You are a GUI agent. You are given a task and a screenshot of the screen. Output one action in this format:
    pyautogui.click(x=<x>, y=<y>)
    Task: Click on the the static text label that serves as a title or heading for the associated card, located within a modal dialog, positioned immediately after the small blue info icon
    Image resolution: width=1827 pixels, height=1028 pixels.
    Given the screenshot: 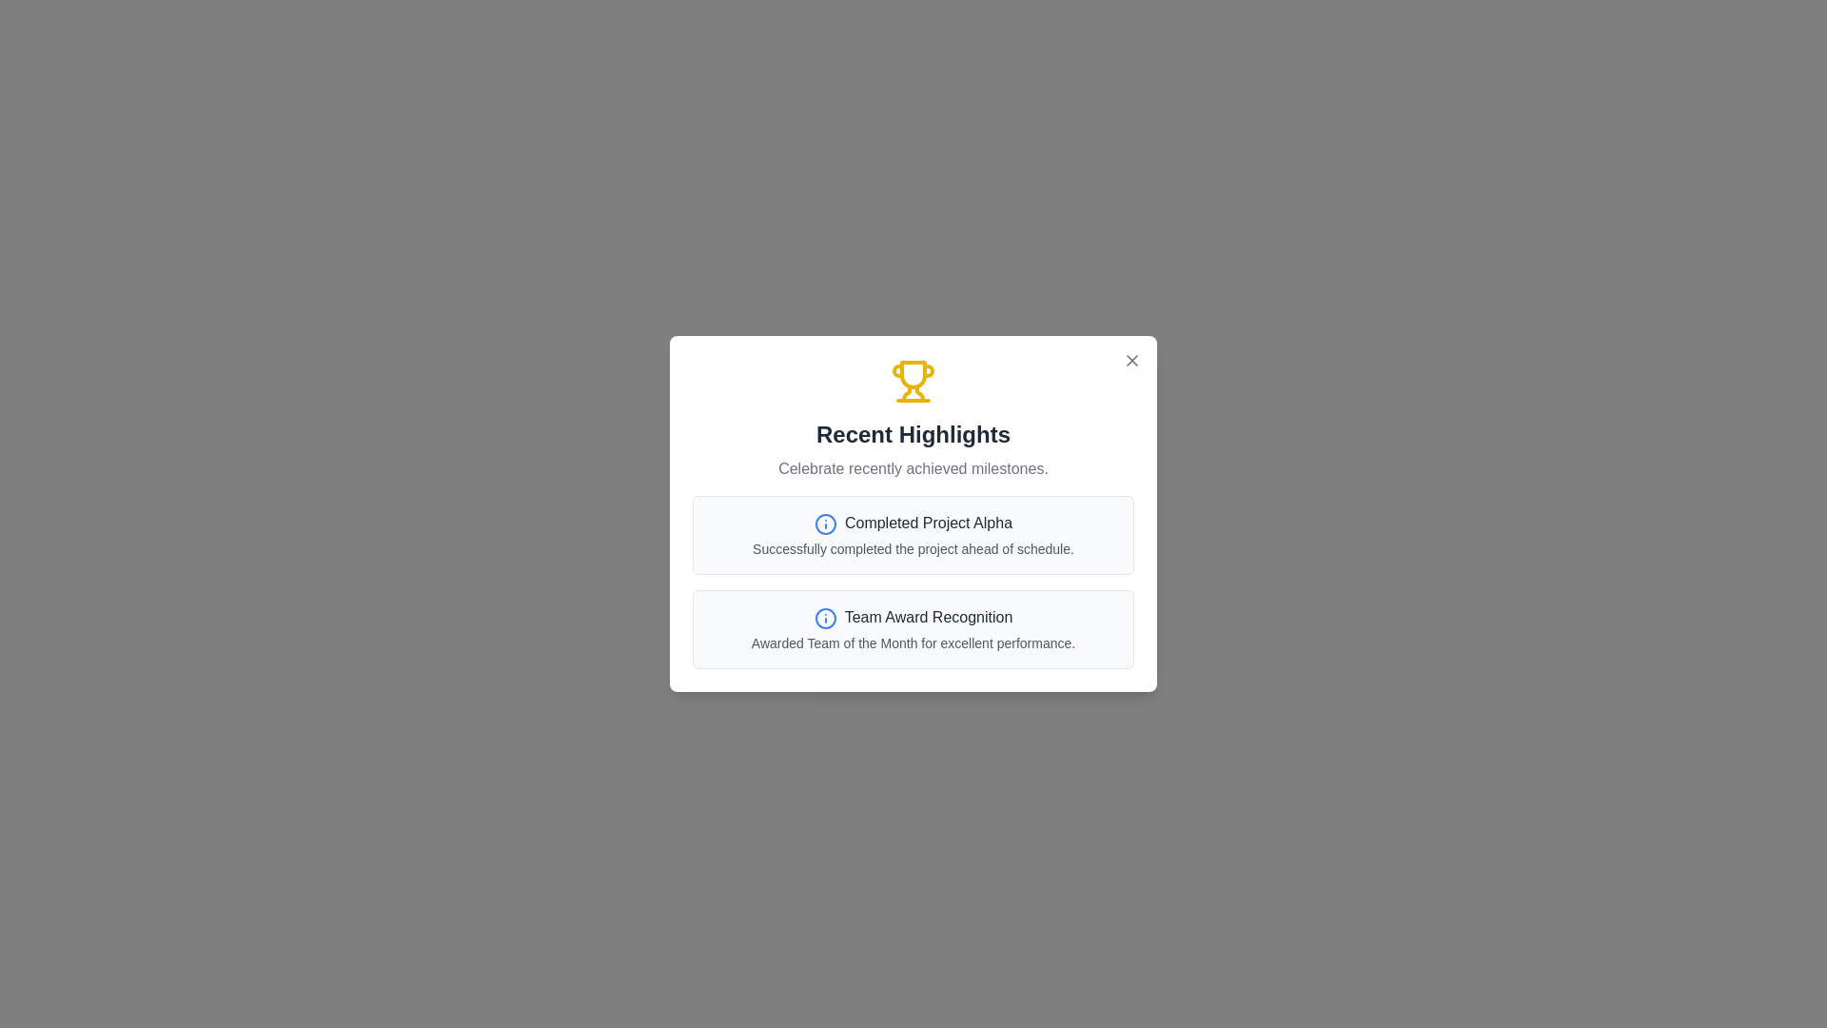 What is the action you would take?
    pyautogui.click(x=928, y=617)
    